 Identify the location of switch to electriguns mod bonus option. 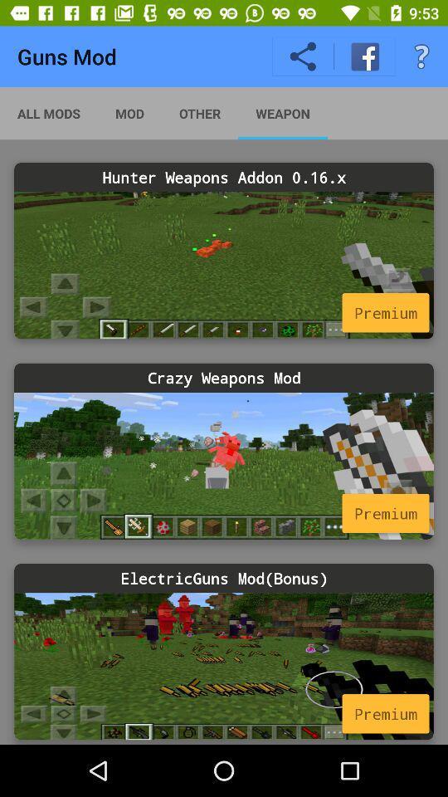
(224, 666).